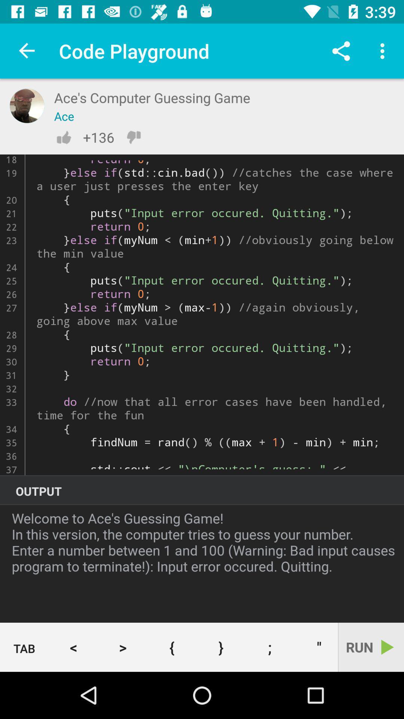 The width and height of the screenshot is (404, 719). I want to click on the < item, so click(73, 647).